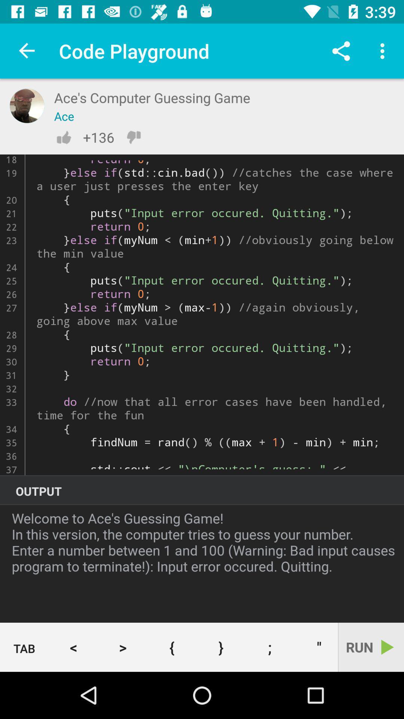 The width and height of the screenshot is (404, 719). I want to click on the < item, so click(73, 647).